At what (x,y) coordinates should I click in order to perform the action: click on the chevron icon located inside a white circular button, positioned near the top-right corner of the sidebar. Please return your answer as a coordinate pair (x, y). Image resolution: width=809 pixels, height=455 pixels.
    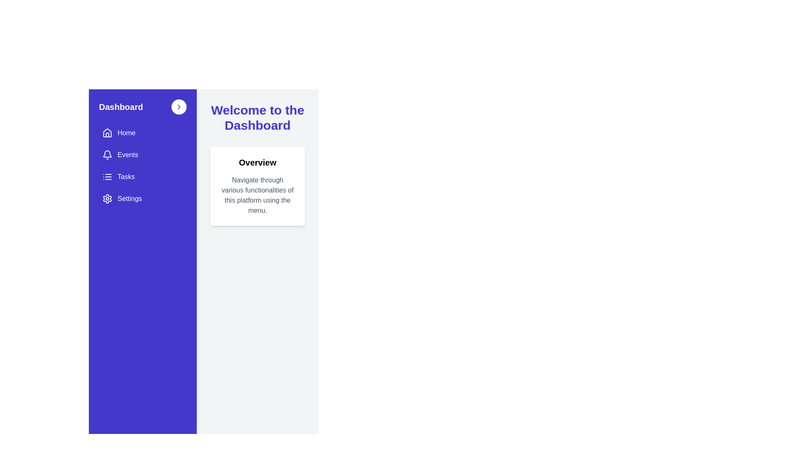
    Looking at the image, I should click on (179, 107).